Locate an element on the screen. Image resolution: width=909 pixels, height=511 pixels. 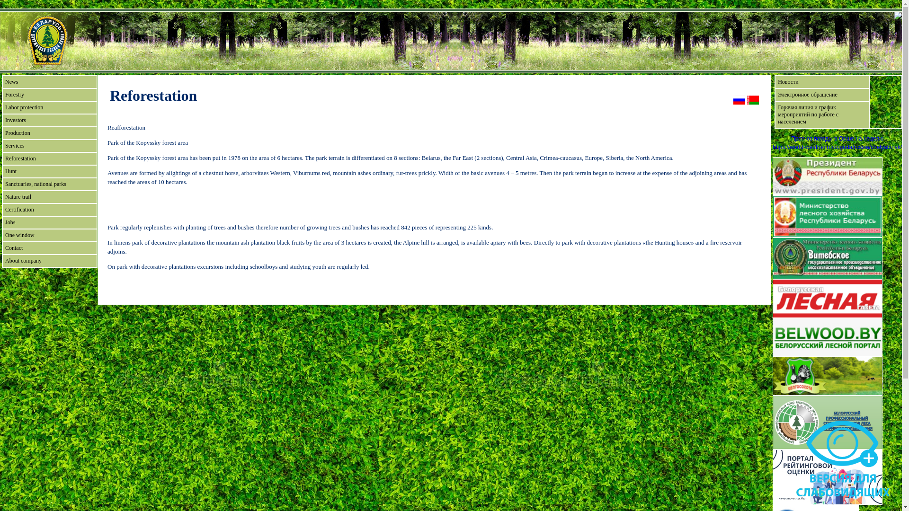
'Sanctuaries, national parks' is located at coordinates (49, 184).